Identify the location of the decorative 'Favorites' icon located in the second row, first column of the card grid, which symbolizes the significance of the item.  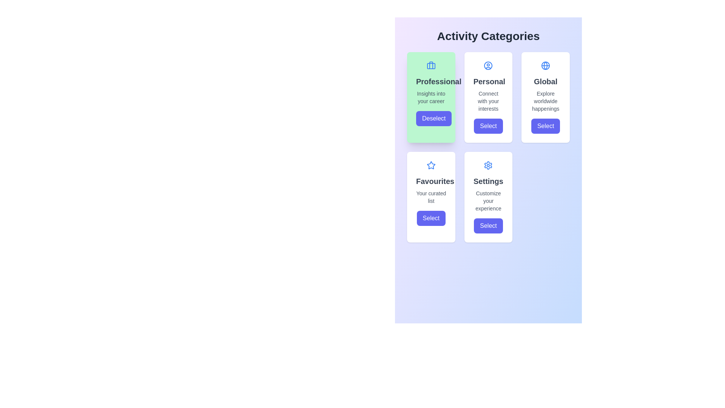
(431, 165).